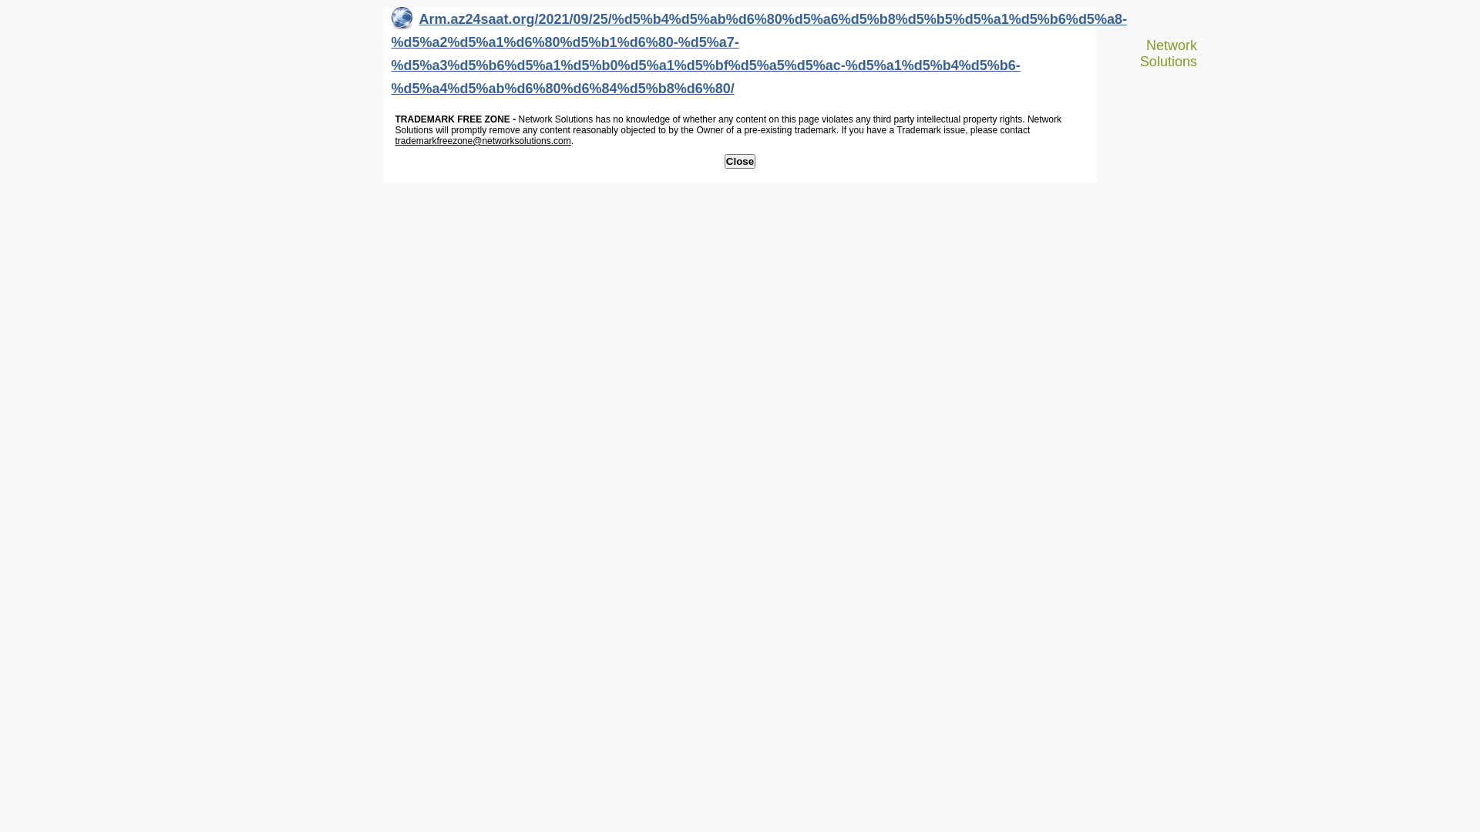 The width and height of the screenshot is (1480, 832). I want to click on 'trademarkfreezone@networksolutions.com', so click(481, 140).